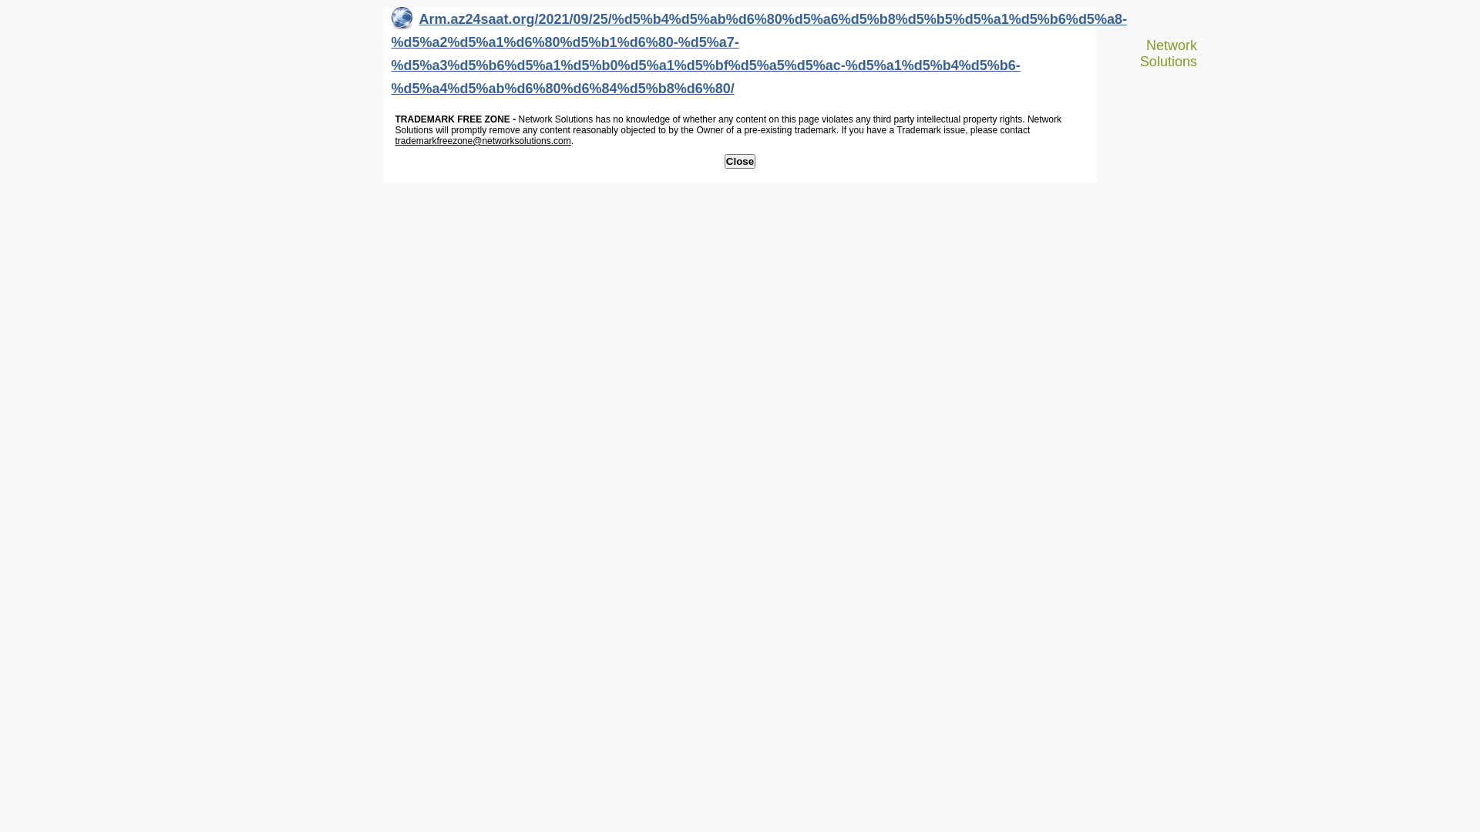 The width and height of the screenshot is (1480, 832). I want to click on 'trademarkfreezone@networksolutions.com', so click(481, 140).